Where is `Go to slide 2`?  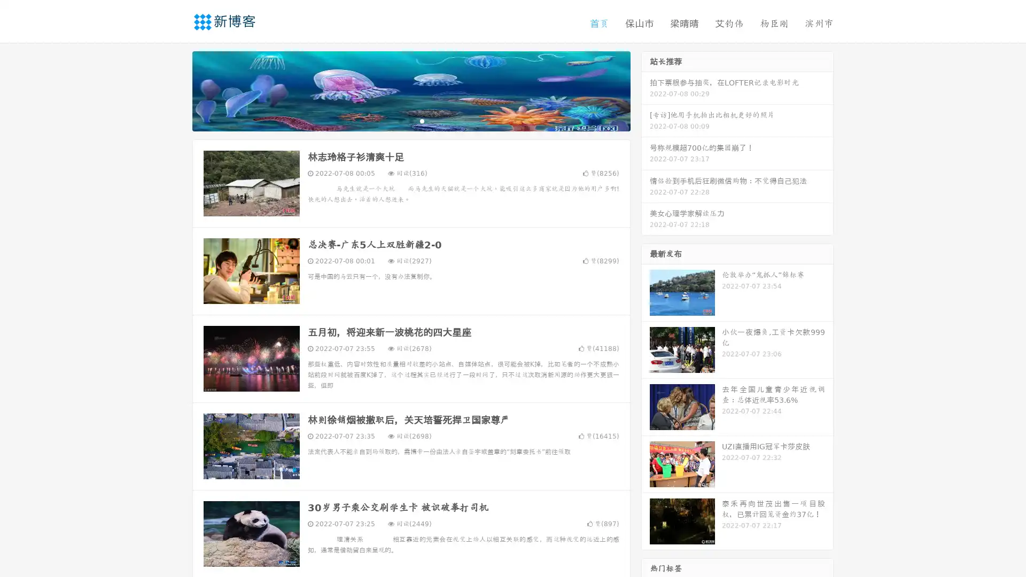
Go to slide 2 is located at coordinates (410, 120).